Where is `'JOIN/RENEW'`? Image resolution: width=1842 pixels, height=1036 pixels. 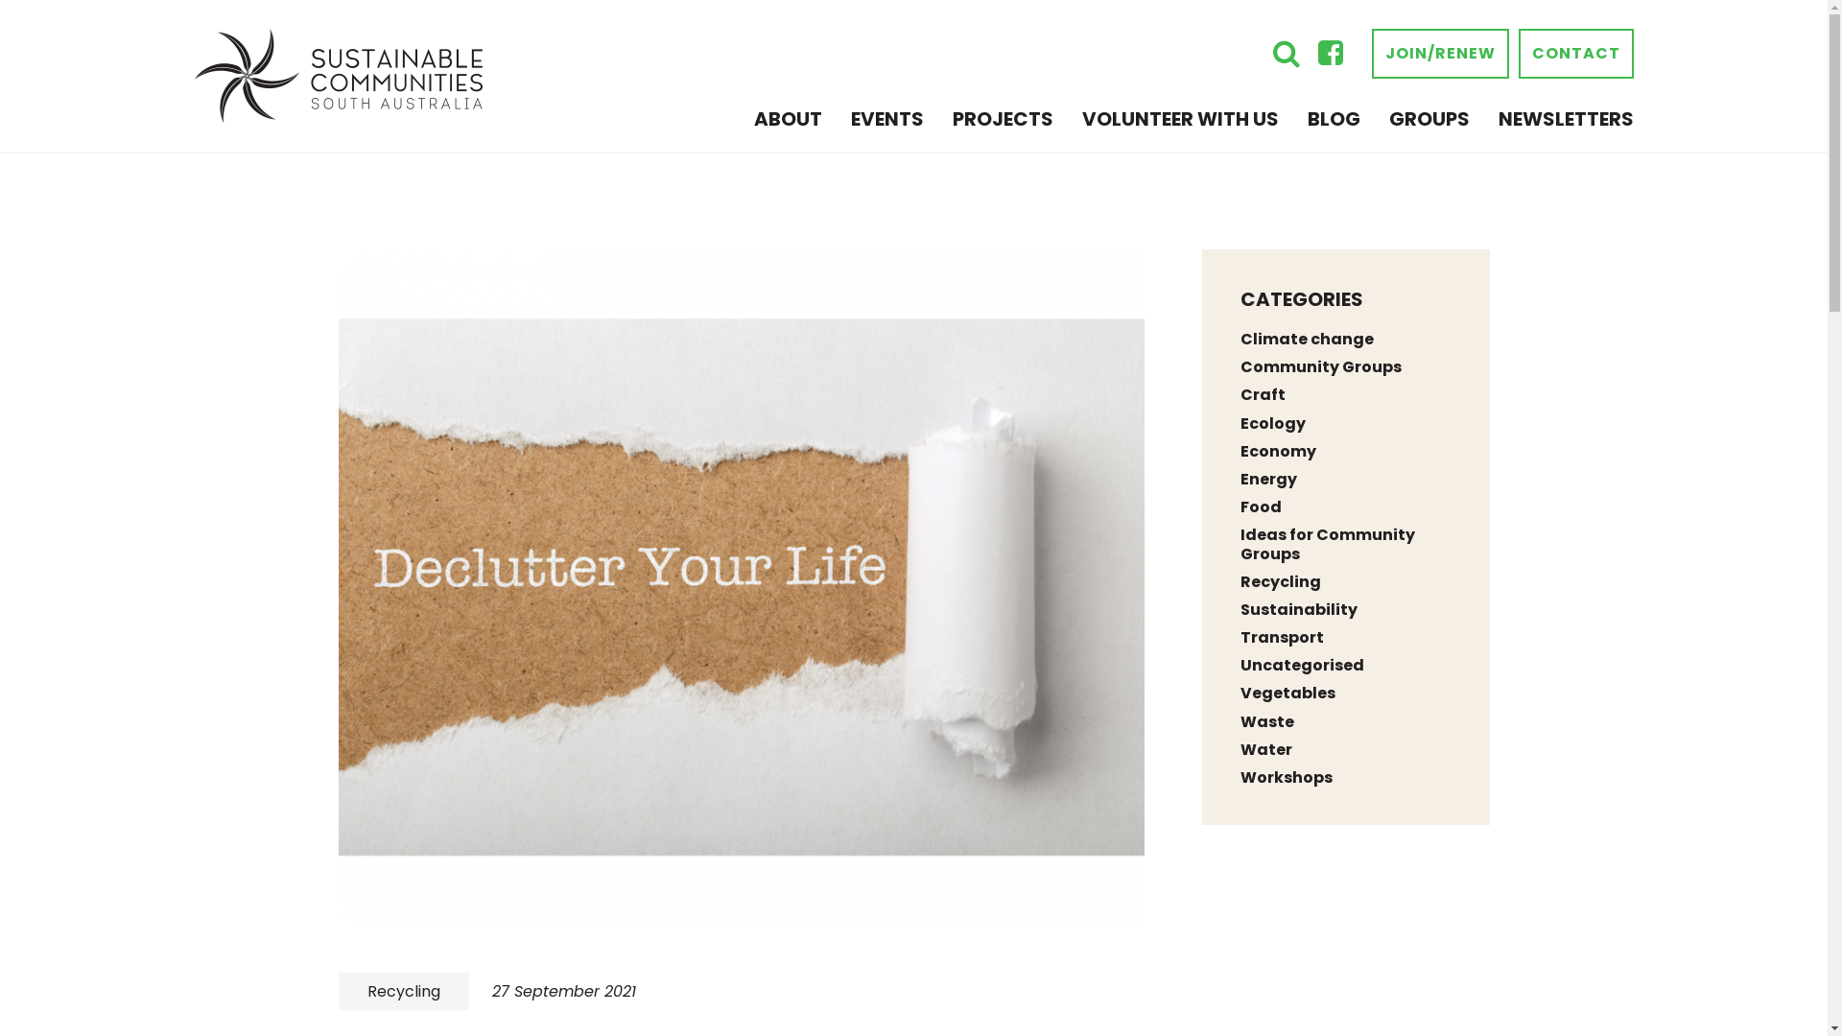 'JOIN/RENEW' is located at coordinates (1440, 53).